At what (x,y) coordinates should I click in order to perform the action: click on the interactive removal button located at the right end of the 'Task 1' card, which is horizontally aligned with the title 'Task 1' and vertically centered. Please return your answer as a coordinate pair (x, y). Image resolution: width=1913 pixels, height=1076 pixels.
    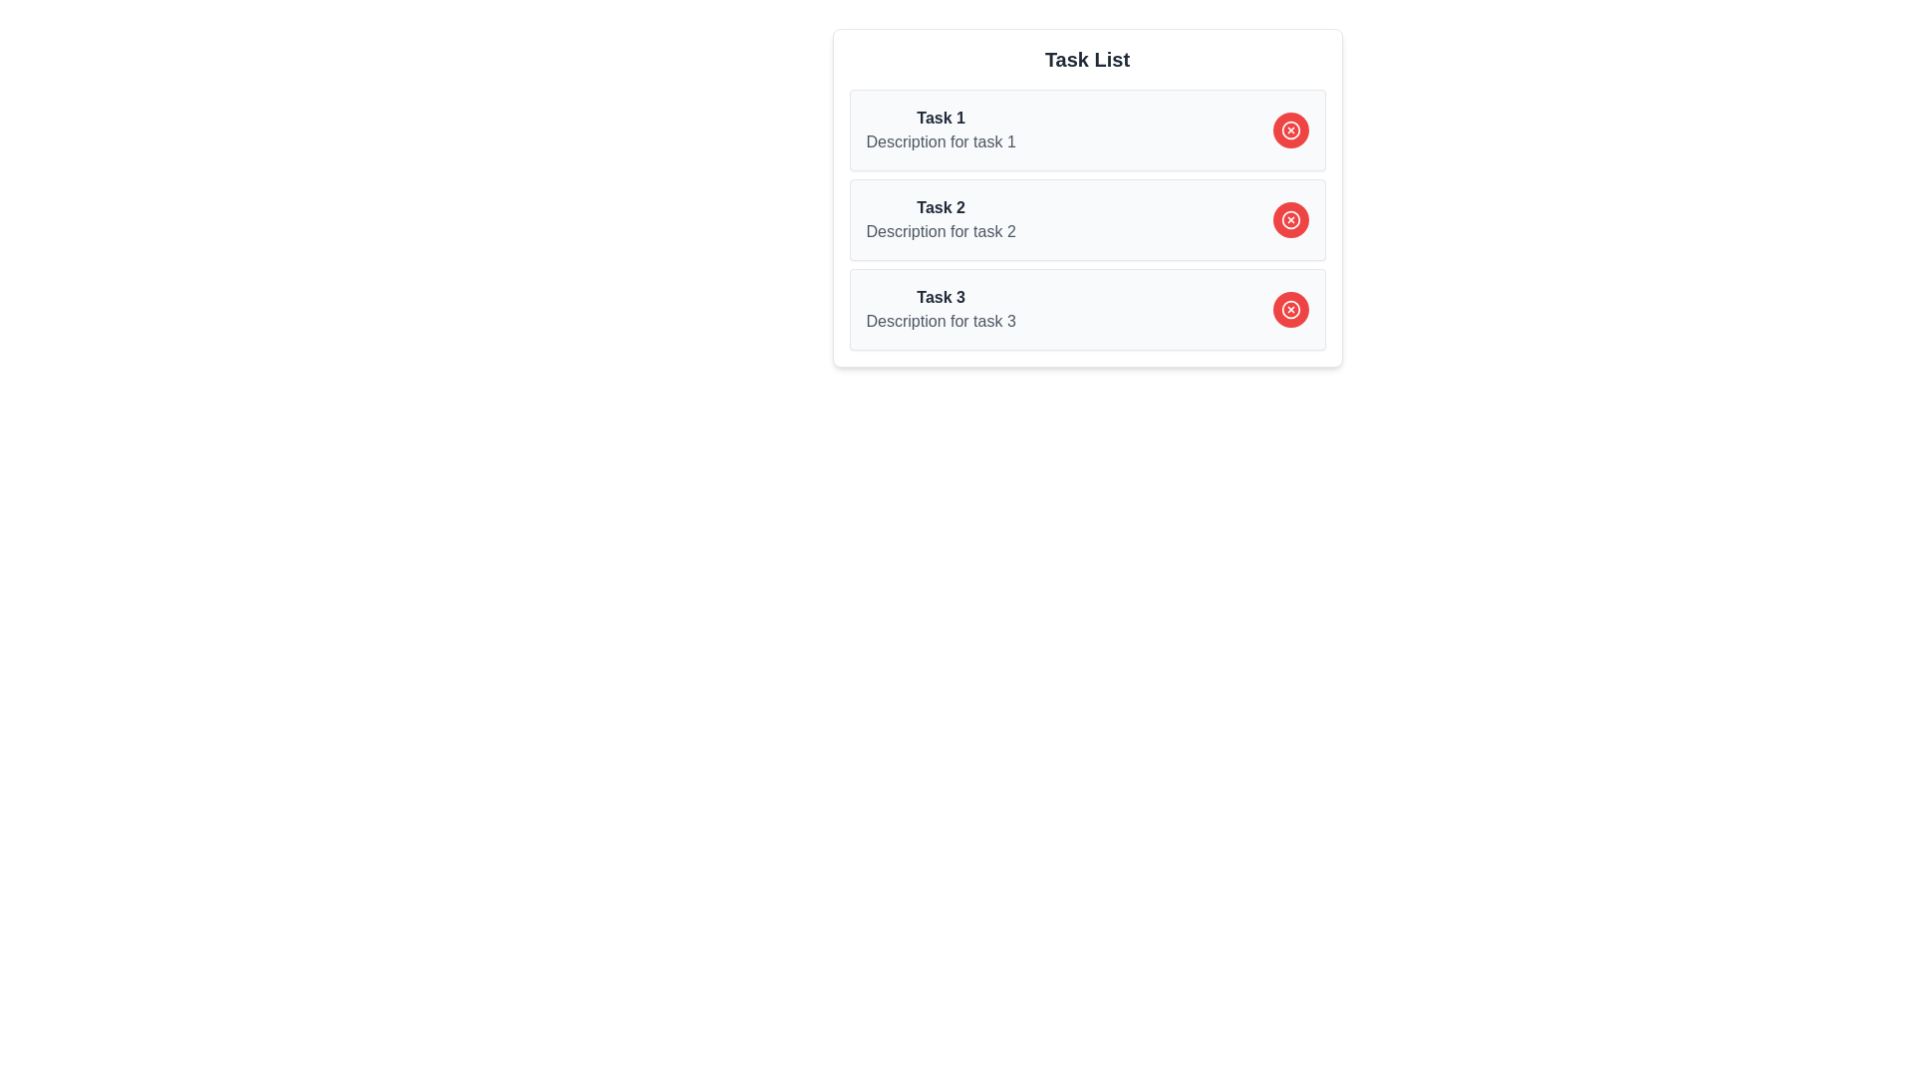
    Looking at the image, I should click on (1290, 131).